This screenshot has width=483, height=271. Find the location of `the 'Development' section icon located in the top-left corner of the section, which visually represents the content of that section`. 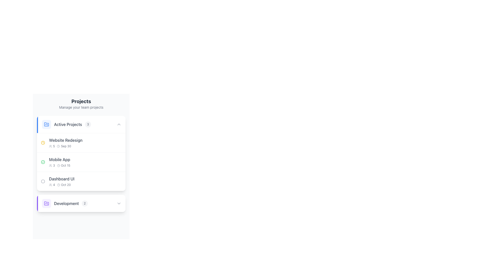

the 'Development' section icon located in the top-left corner of the section, which visually represents the content of that section is located at coordinates (47, 203).